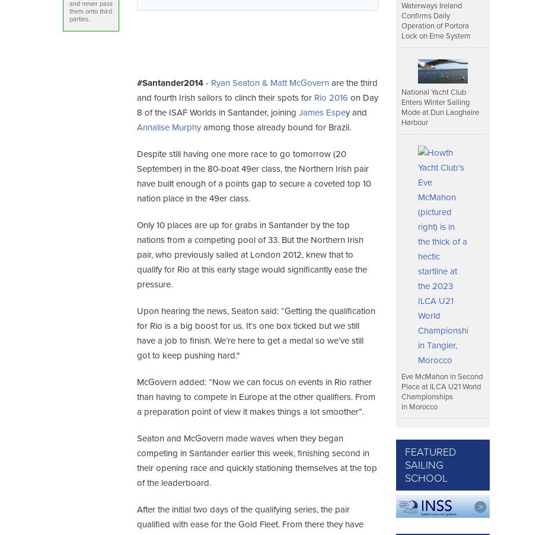  Describe the element at coordinates (440, 107) in the screenshot. I see `'National Yacht Club Enters Winter Sailing Mode at Dun Laoghaire Harbour'` at that location.